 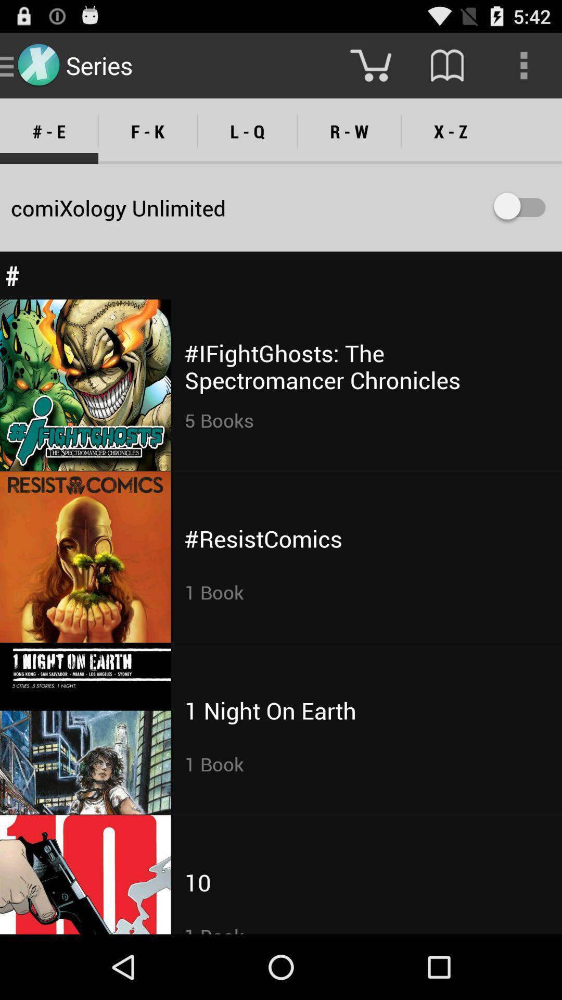 What do you see at coordinates (263, 539) in the screenshot?
I see `#resistcomics item` at bounding box center [263, 539].